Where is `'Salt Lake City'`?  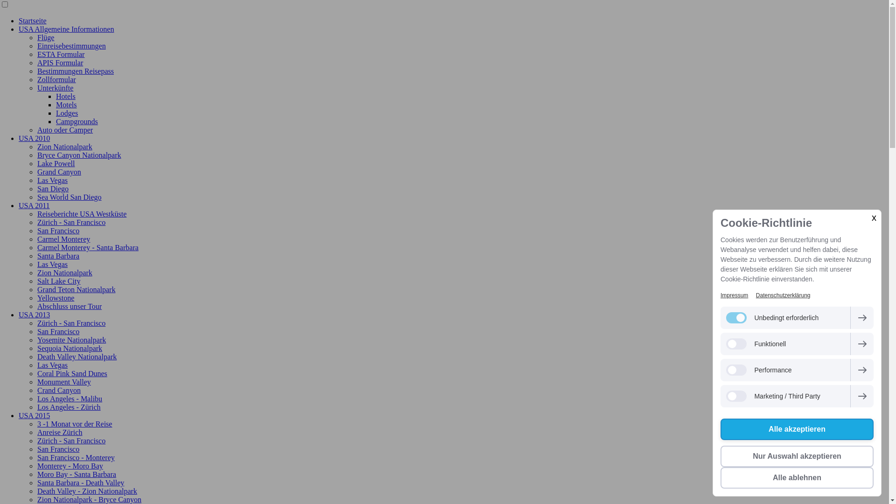 'Salt Lake City' is located at coordinates (58, 280).